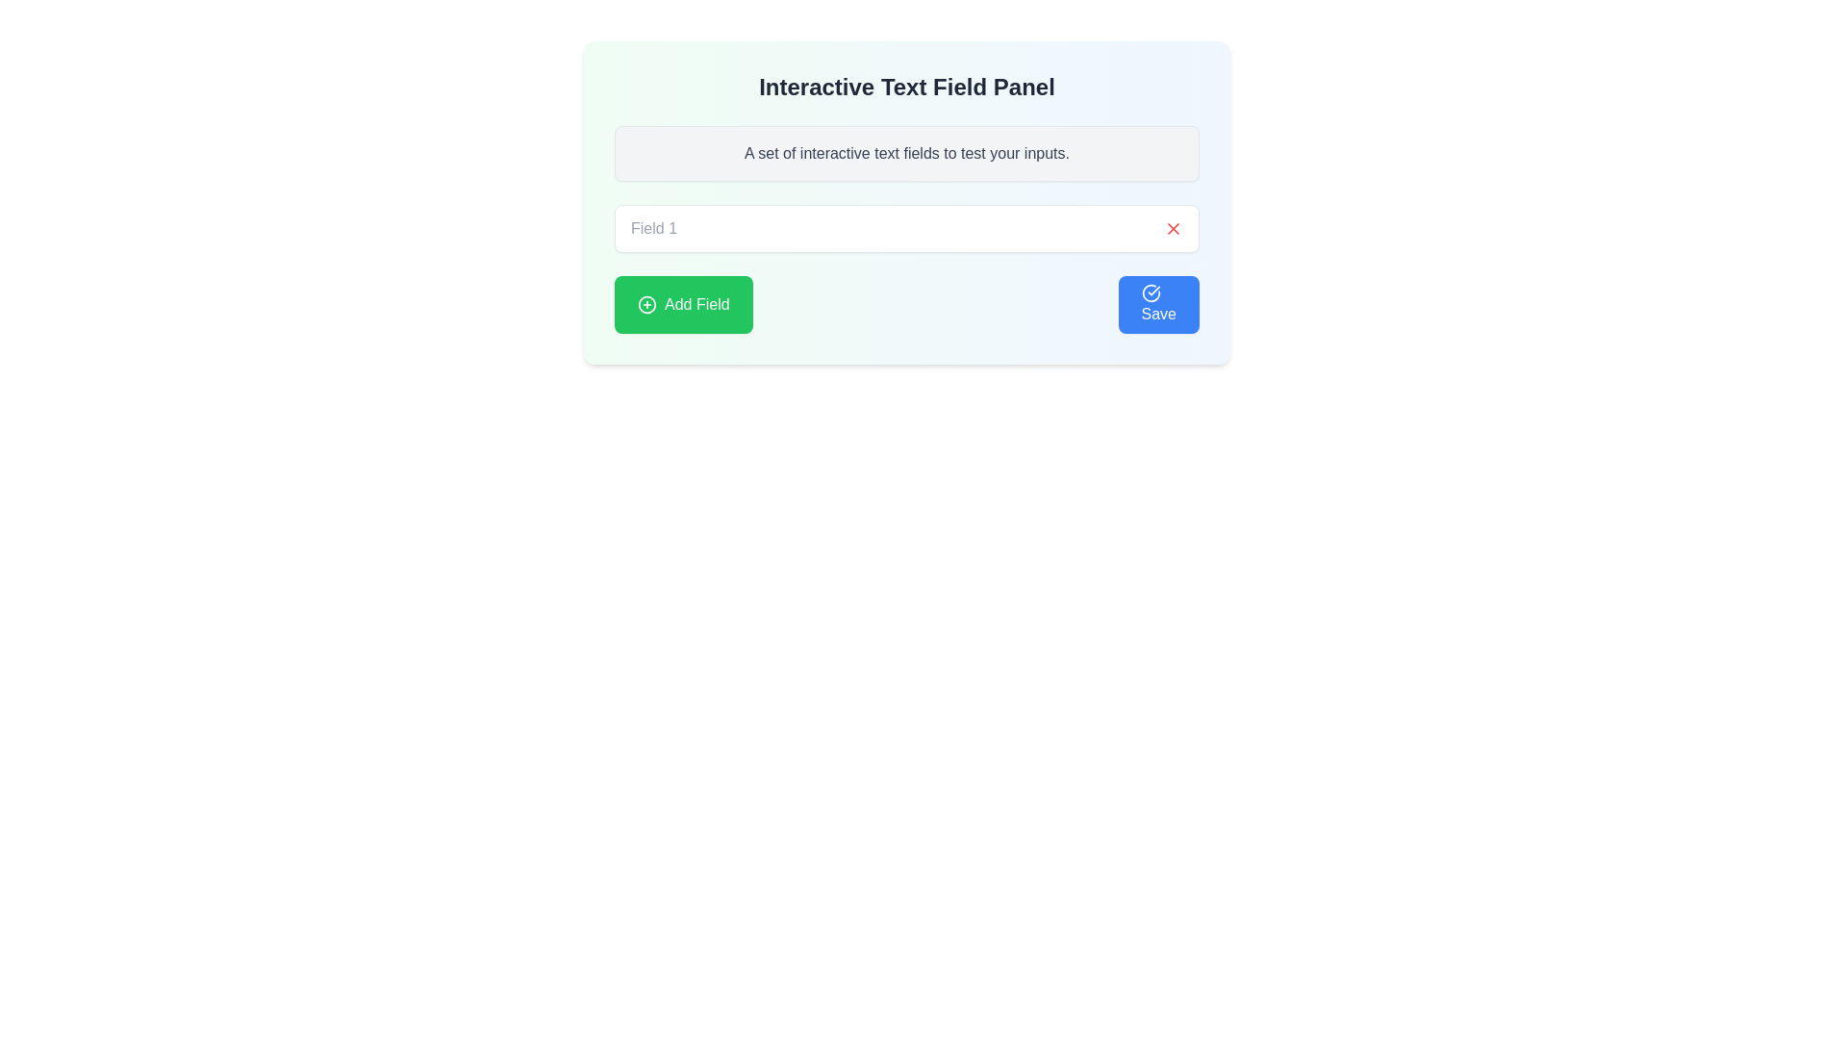  Describe the element at coordinates (1151, 292) in the screenshot. I see `the circular status indicator icon located at the bottom-right of the 'Save' button, which has a thin outline stroke and is part of a group with a checkmark icon` at that location.